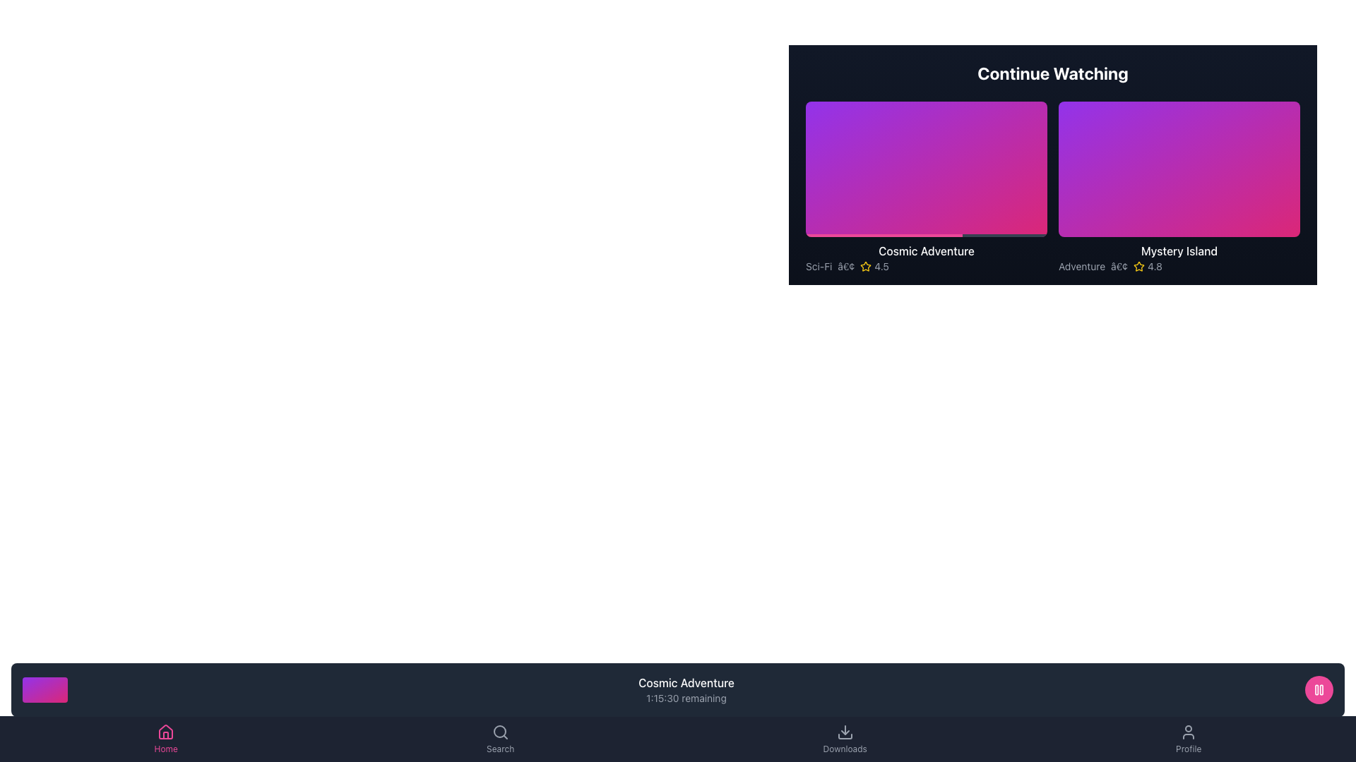 This screenshot has height=762, width=1356. What do you see at coordinates (500, 739) in the screenshot?
I see `the navigation button located` at bounding box center [500, 739].